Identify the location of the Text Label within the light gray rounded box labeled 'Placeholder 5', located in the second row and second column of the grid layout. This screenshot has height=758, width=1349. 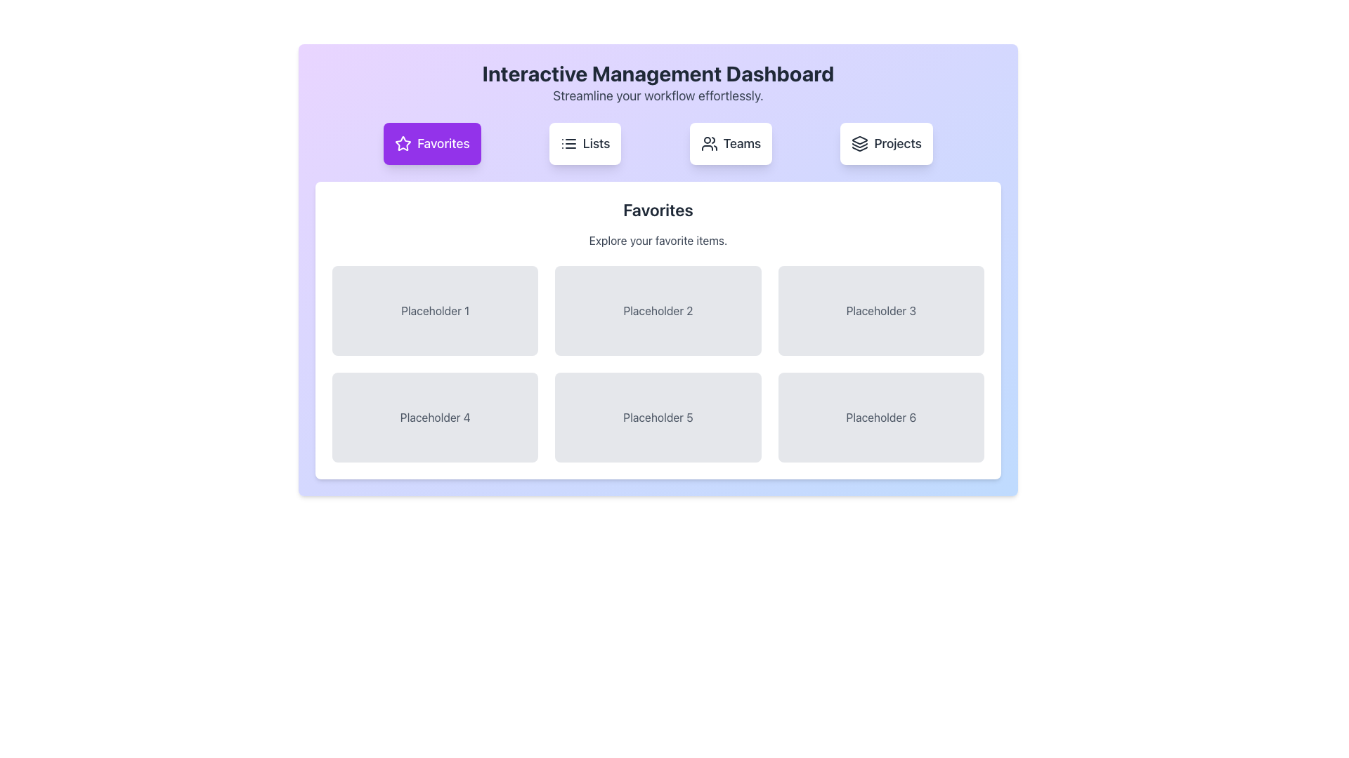
(657, 416).